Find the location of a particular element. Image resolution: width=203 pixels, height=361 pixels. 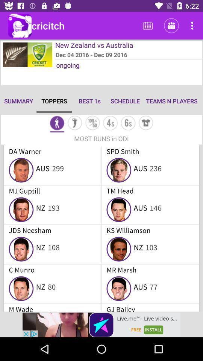

4s button is located at coordinates (110, 124).